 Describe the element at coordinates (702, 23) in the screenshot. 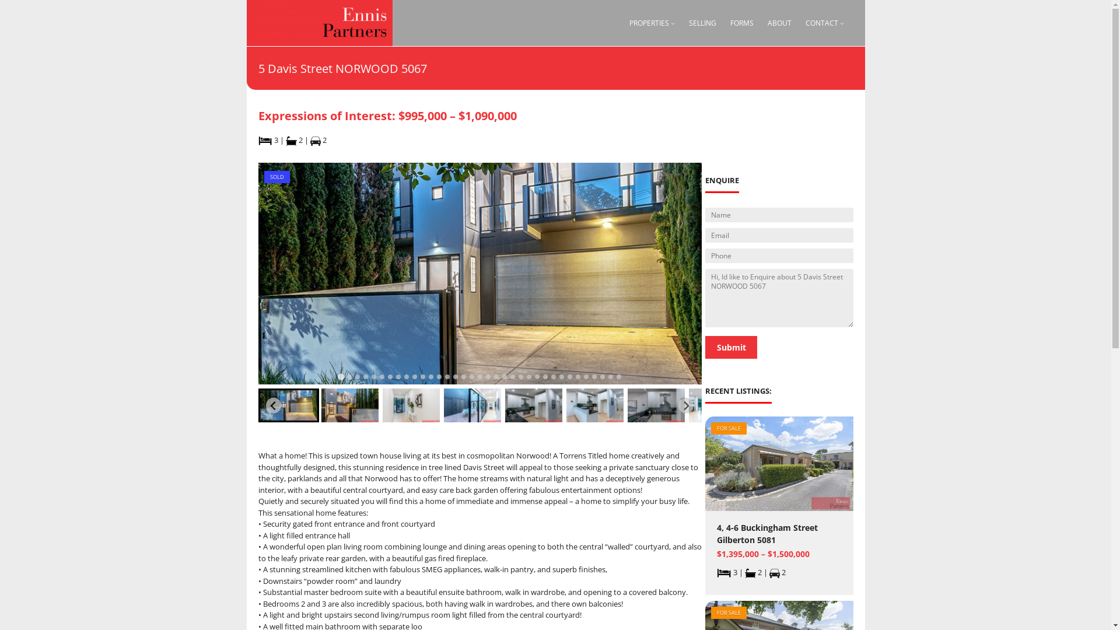

I see `'SELLING'` at that location.